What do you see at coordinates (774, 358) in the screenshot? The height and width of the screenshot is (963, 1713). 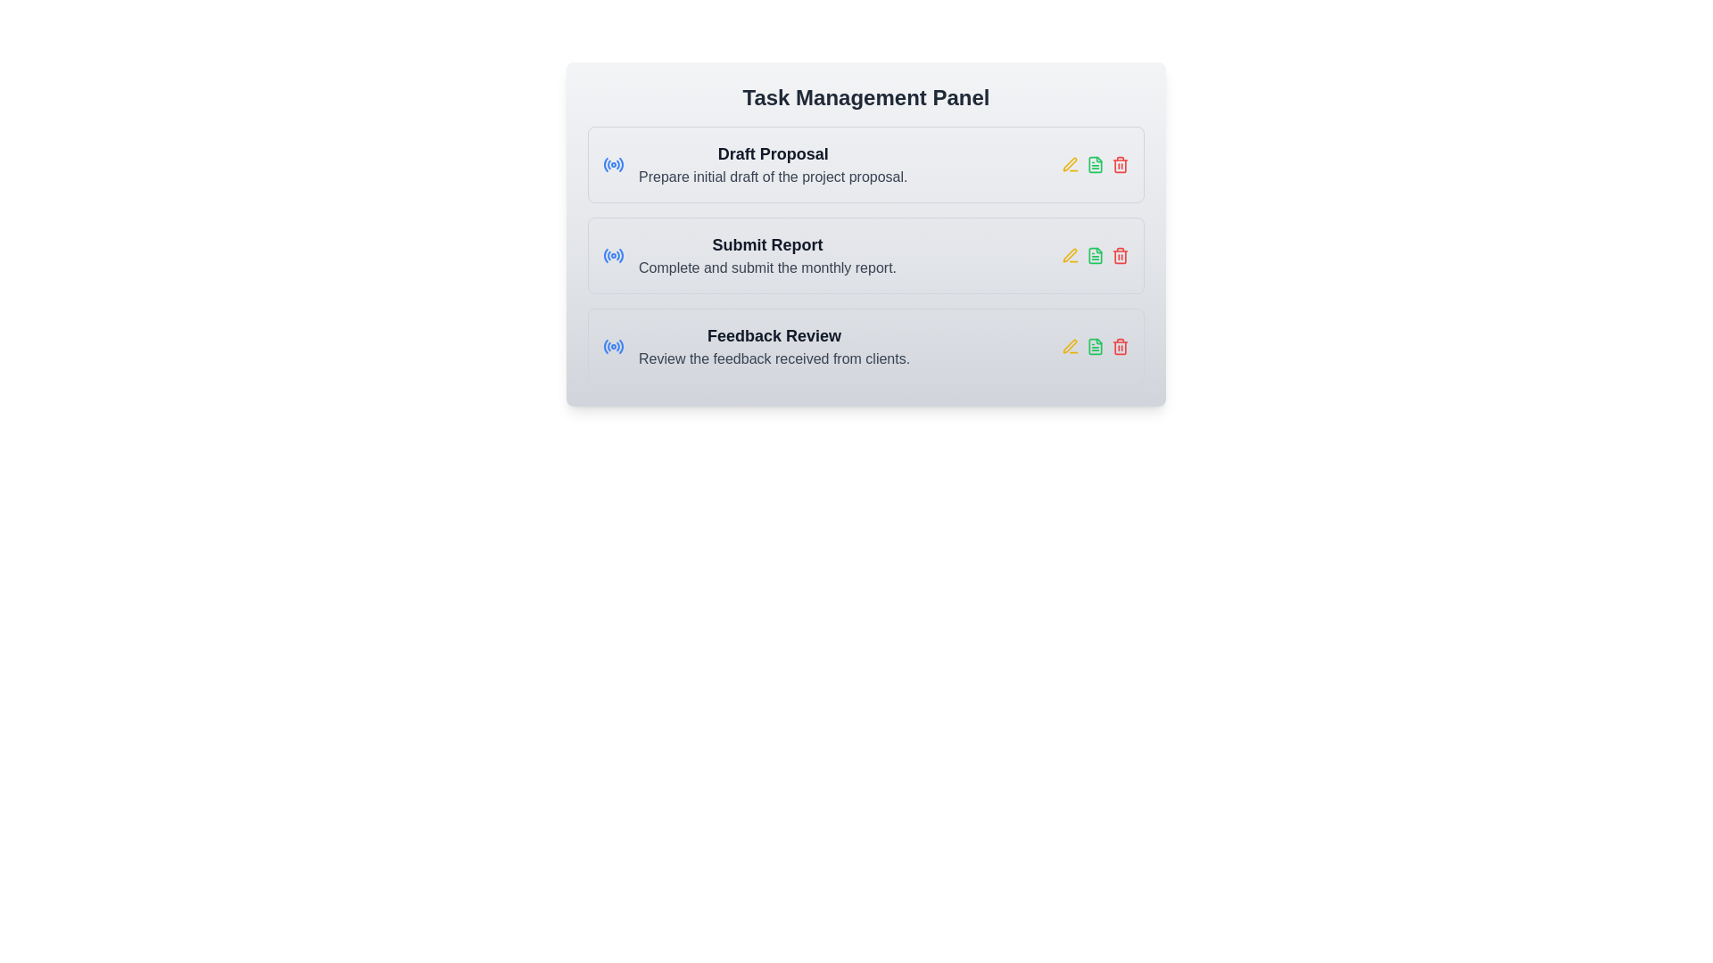 I see `the text label providing information about the task titled 'Feedback Review', located below the title in the Task Management Panel` at bounding box center [774, 358].